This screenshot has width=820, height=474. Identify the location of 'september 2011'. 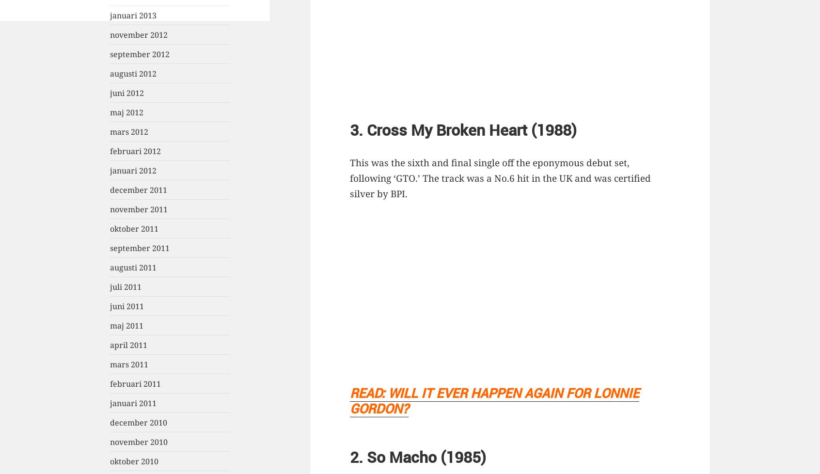
(139, 248).